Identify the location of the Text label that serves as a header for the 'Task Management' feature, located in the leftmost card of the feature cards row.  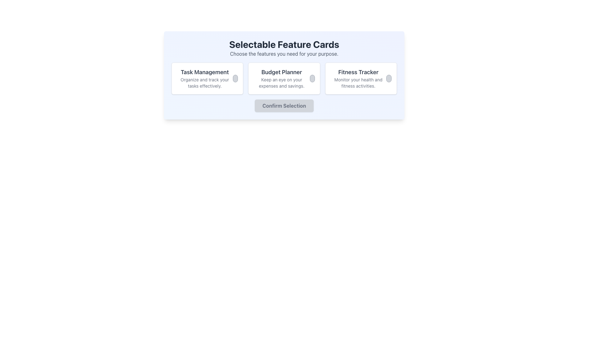
(205, 78).